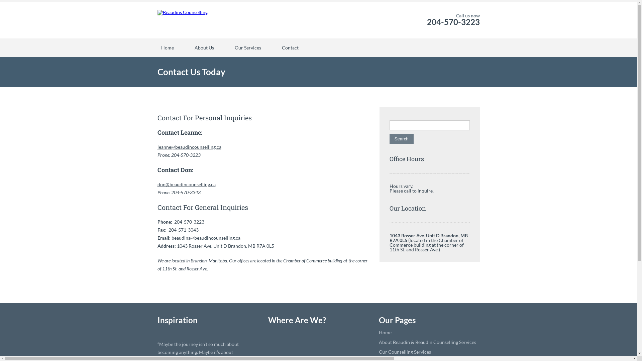 The width and height of the screenshot is (642, 361). What do you see at coordinates (205, 237) in the screenshot?
I see `'beaudins@beaudincounselling.ca'` at bounding box center [205, 237].